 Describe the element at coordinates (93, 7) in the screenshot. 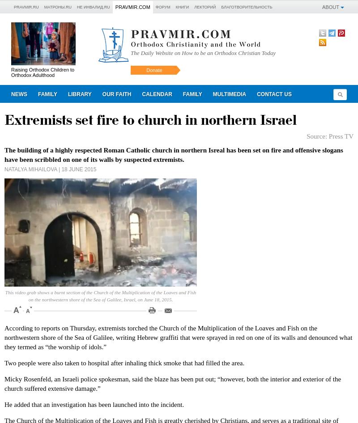

I see `'Не инвалид.RU'` at that location.